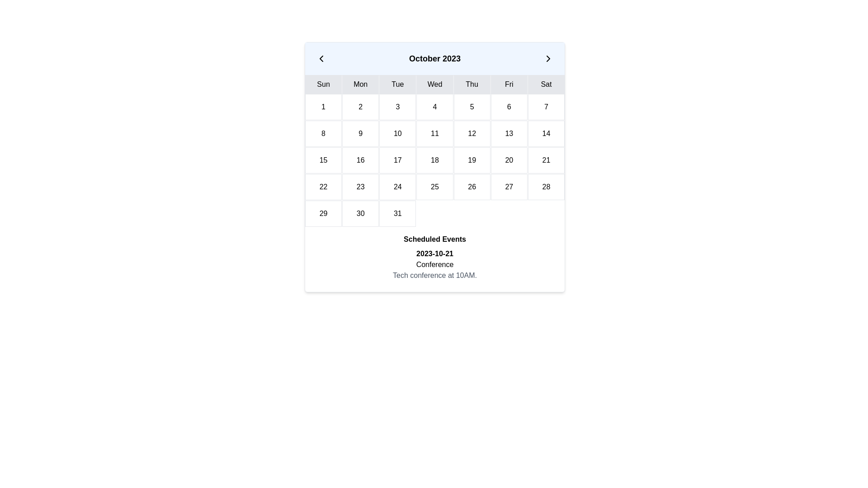 This screenshot has width=868, height=488. I want to click on the label displaying the number '28', which is a white square with bold black text, located in the fourth row and seventh column of the calendar layout, so click(546, 186).